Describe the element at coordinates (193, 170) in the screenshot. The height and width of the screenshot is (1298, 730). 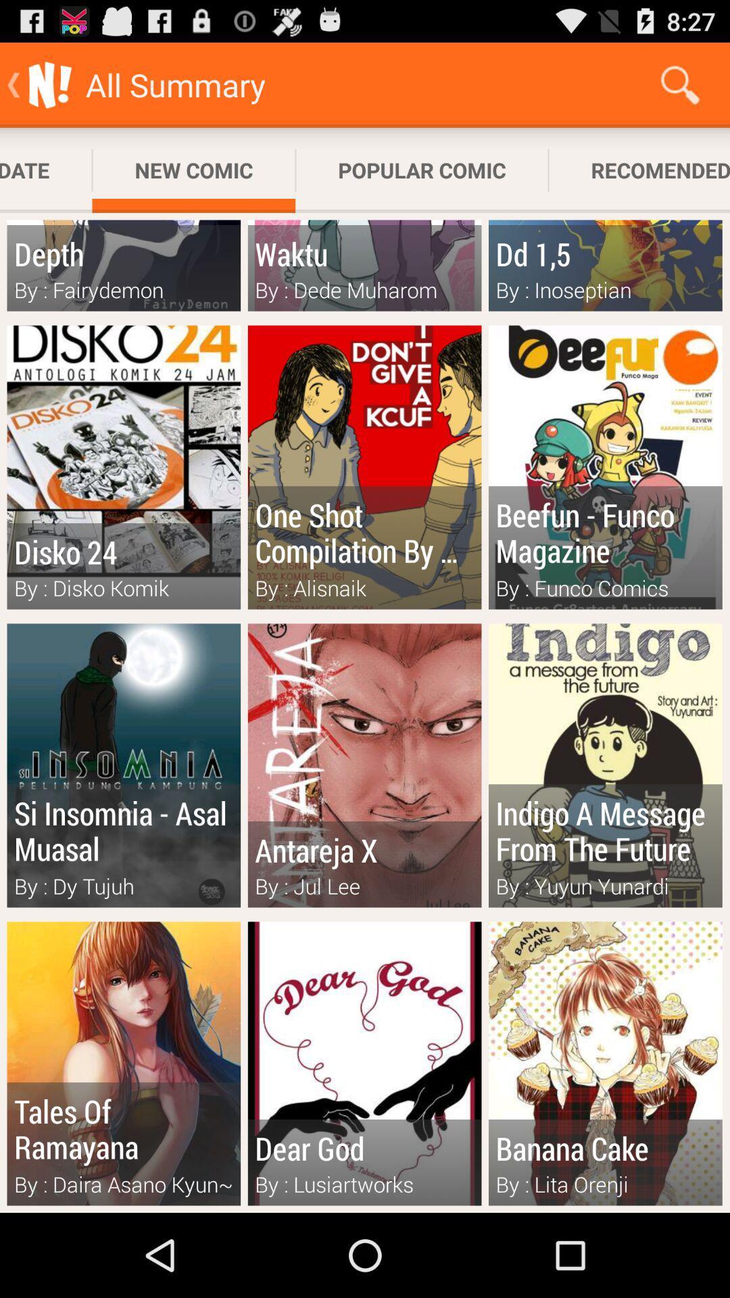
I see `the icon next to subscribed update` at that location.